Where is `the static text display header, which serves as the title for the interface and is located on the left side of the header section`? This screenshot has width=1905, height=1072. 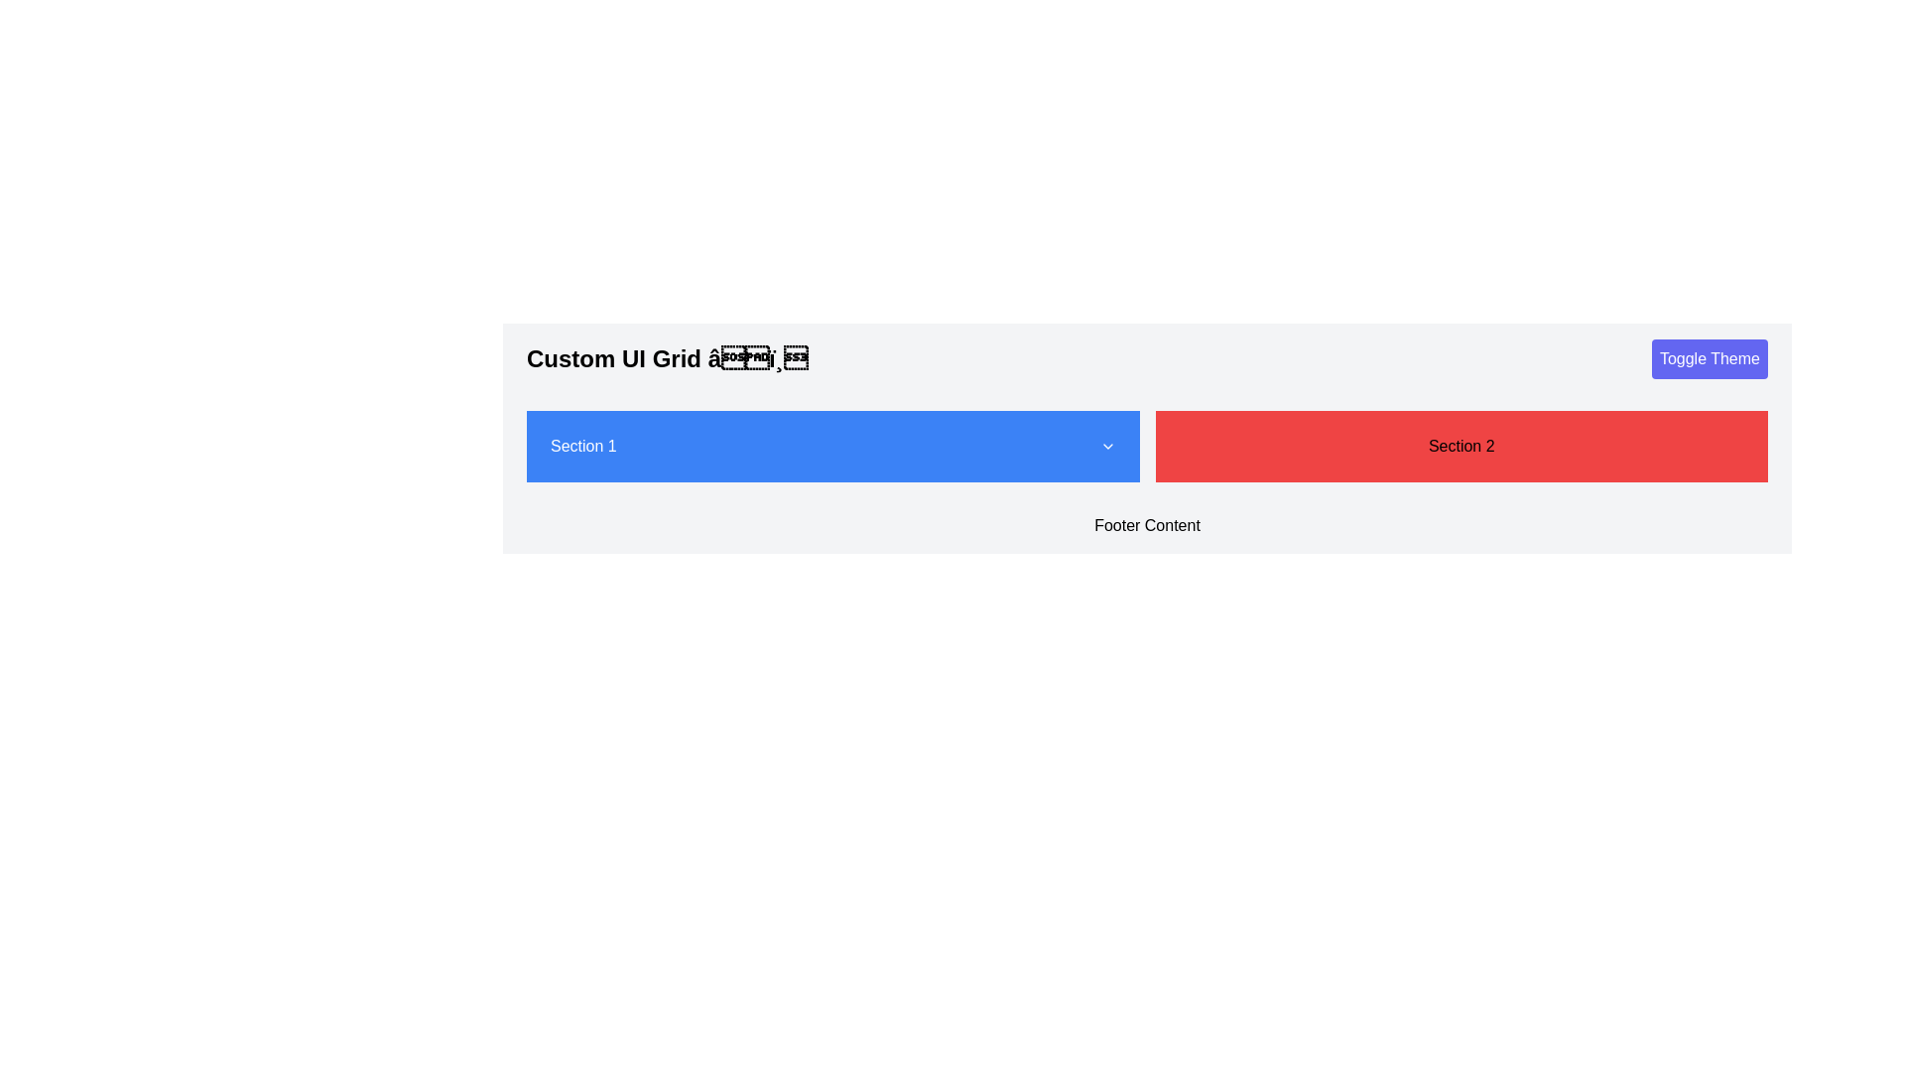 the static text display header, which serves as the title for the interface and is located on the left side of the header section is located at coordinates (667, 359).